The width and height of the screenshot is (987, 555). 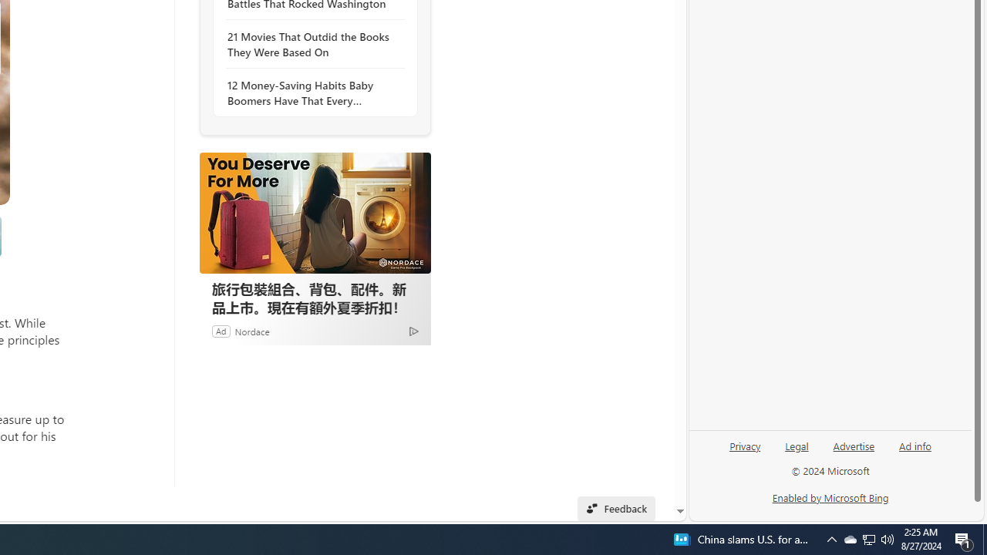 I want to click on 'Ad info', so click(x=915, y=451).